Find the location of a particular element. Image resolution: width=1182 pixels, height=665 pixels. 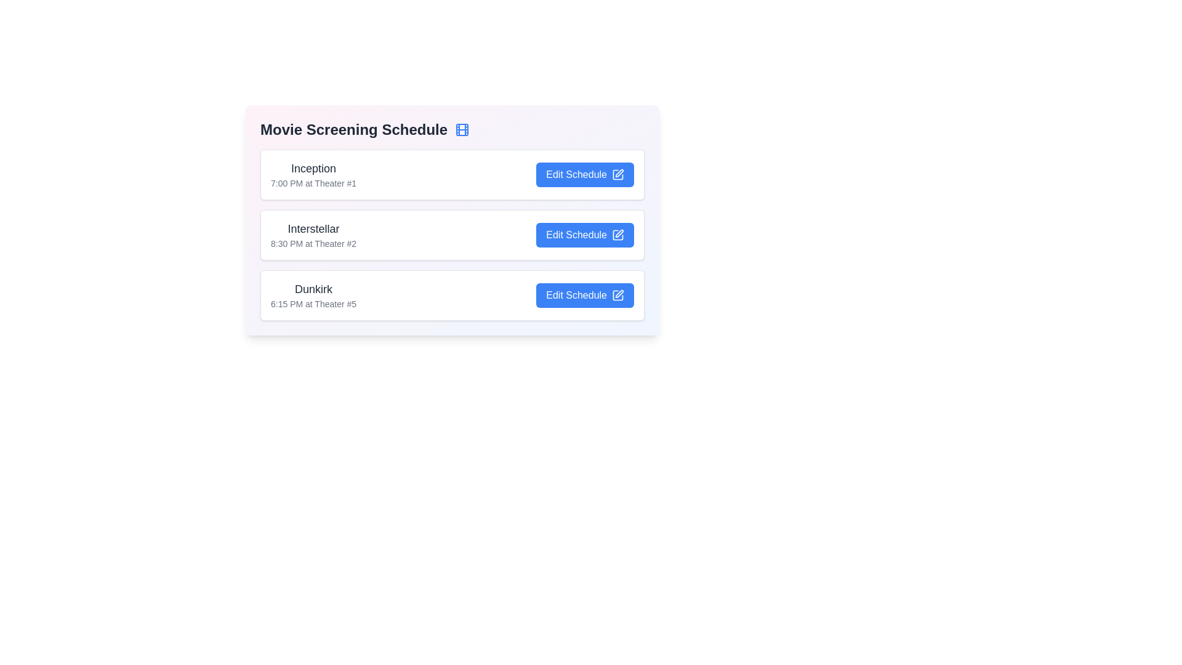

the 'Edit Schedule' button for the movie titled Dunkirk is located at coordinates (584, 295).